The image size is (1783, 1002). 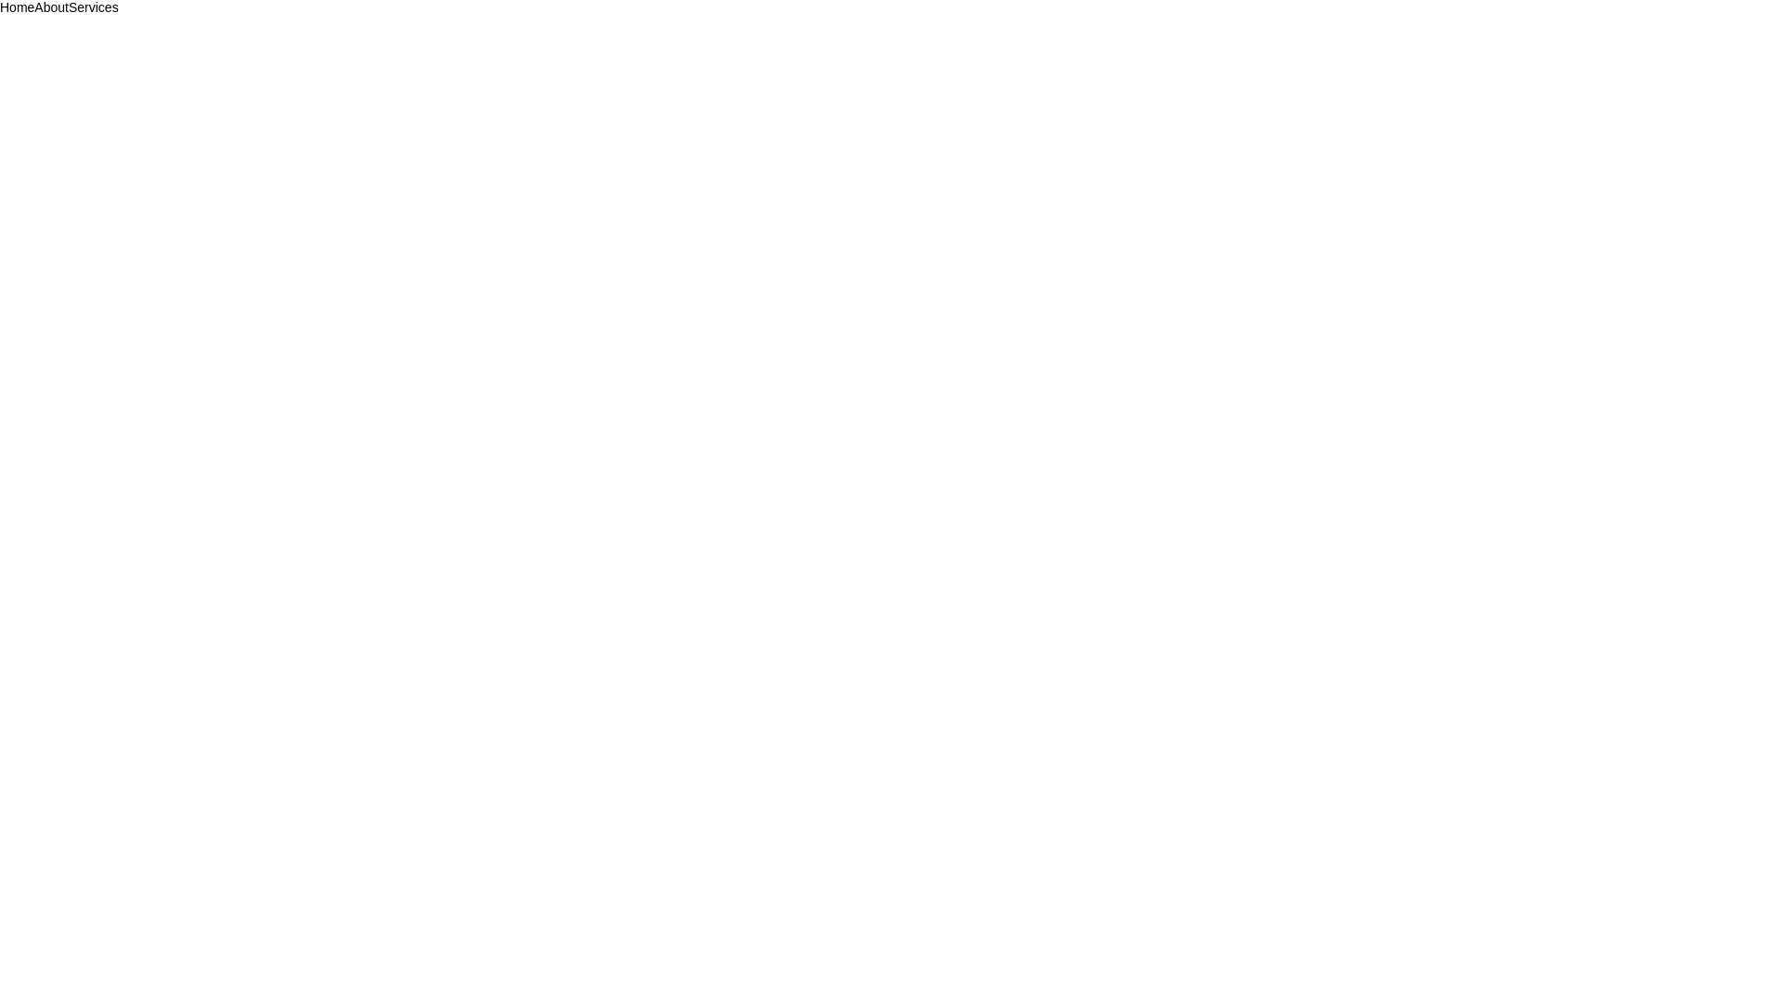 I want to click on 'About', so click(x=51, y=7).